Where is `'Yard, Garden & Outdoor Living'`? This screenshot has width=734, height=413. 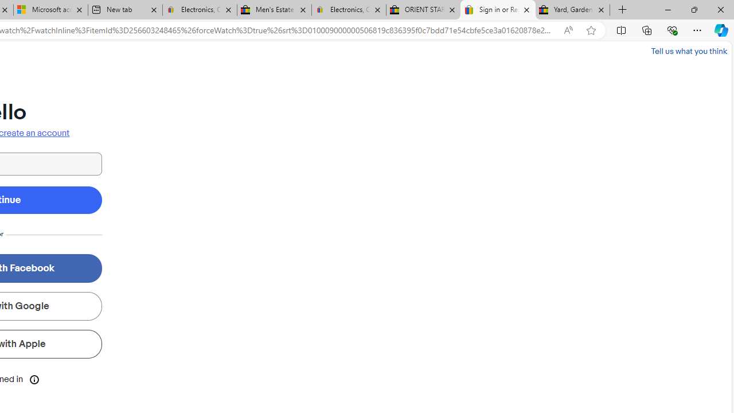 'Yard, Garden & Outdoor Living' is located at coordinates (573, 10).